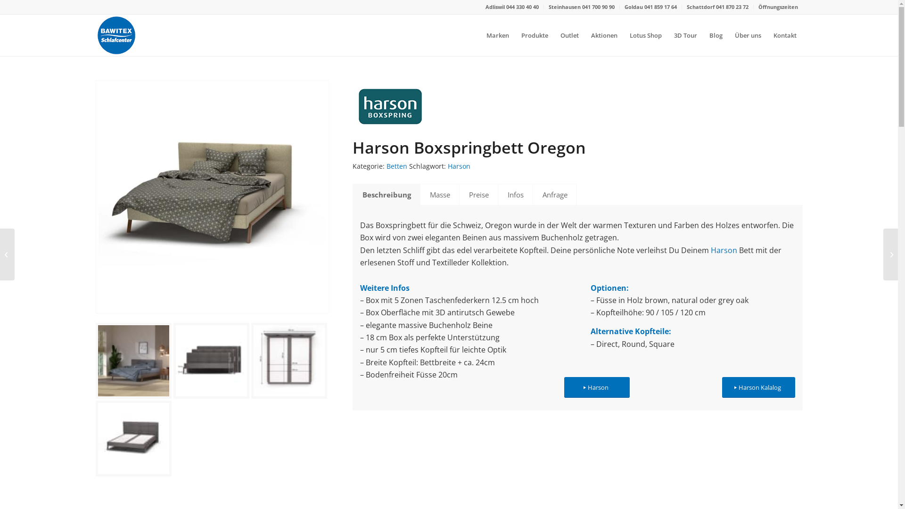 This screenshot has width=905, height=509. What do you see at coordinates (438, 194) in the screenshot?
I see `'Masse'` at bounding box center [438, 194].